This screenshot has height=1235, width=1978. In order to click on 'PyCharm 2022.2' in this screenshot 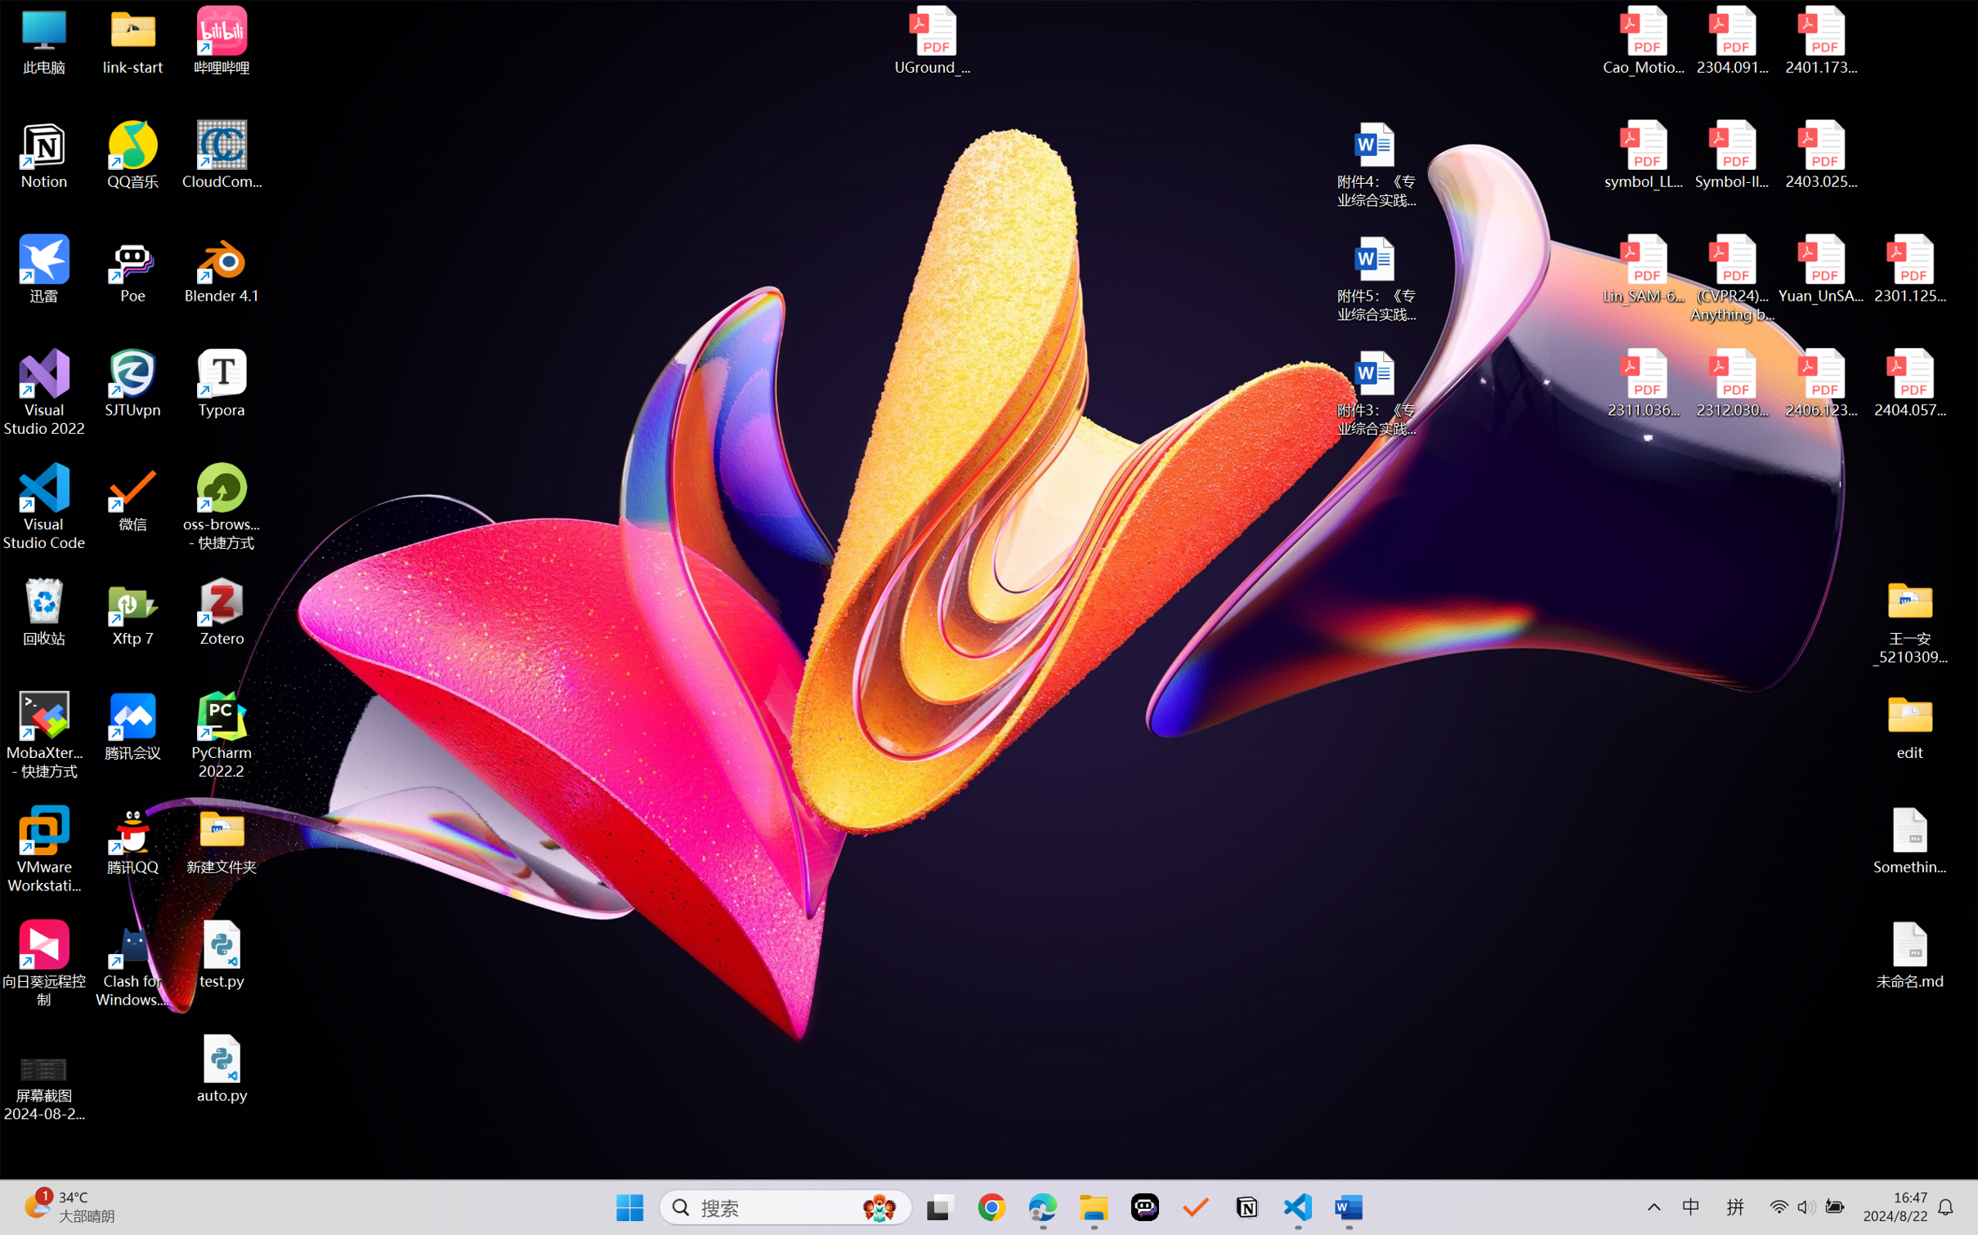, I will do `click(222, 735)`.